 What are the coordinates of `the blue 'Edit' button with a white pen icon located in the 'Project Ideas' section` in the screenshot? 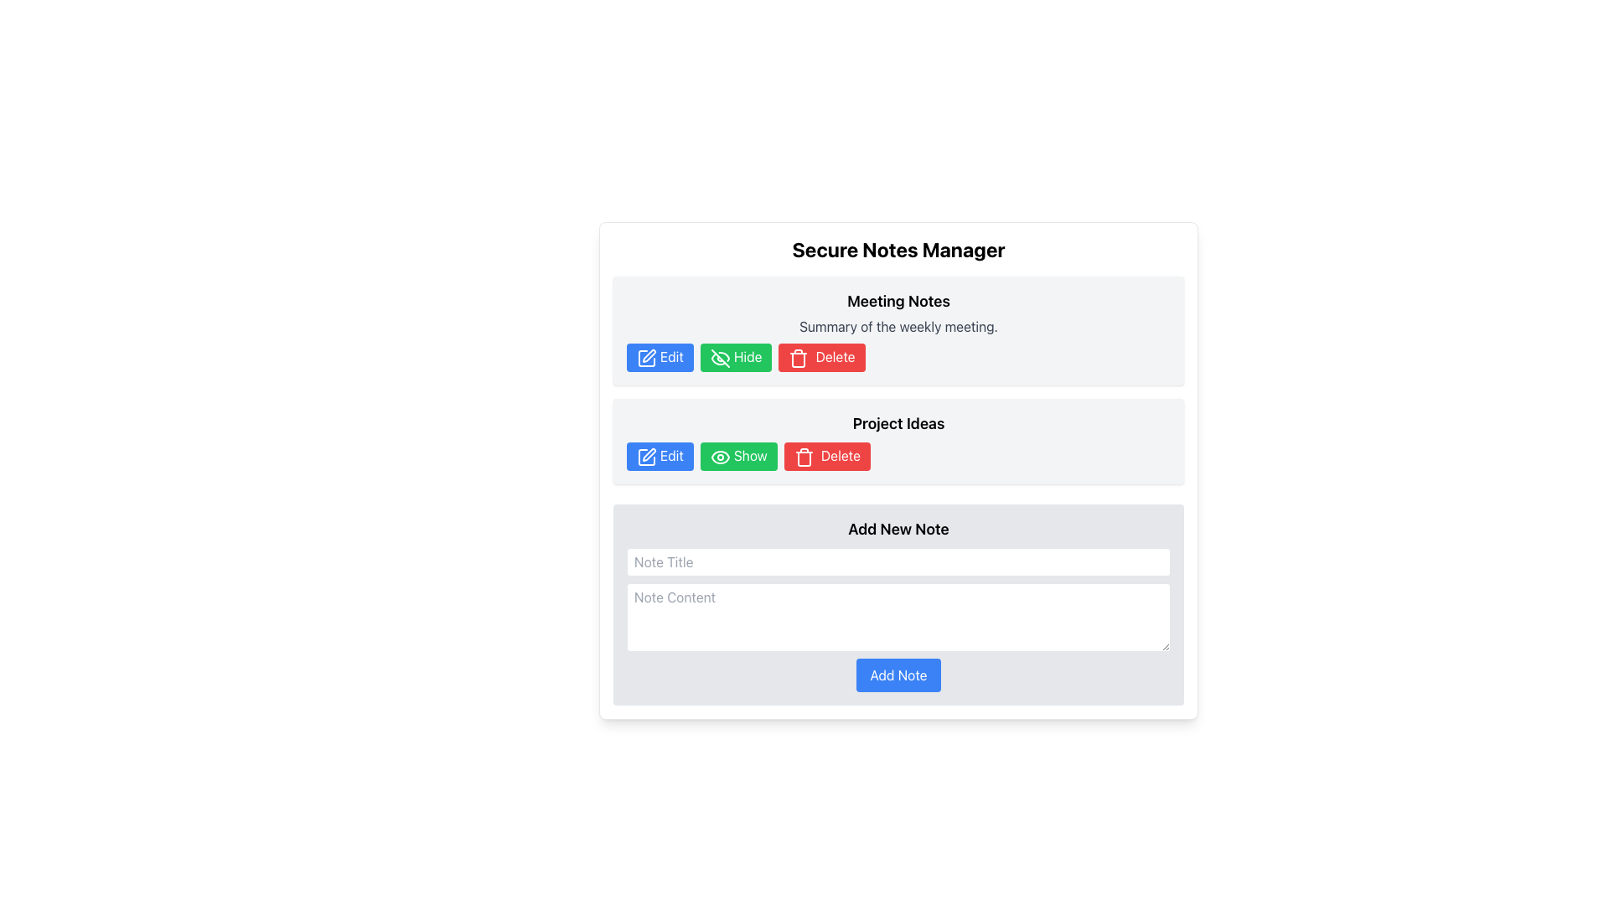 It's located at (659, 456).